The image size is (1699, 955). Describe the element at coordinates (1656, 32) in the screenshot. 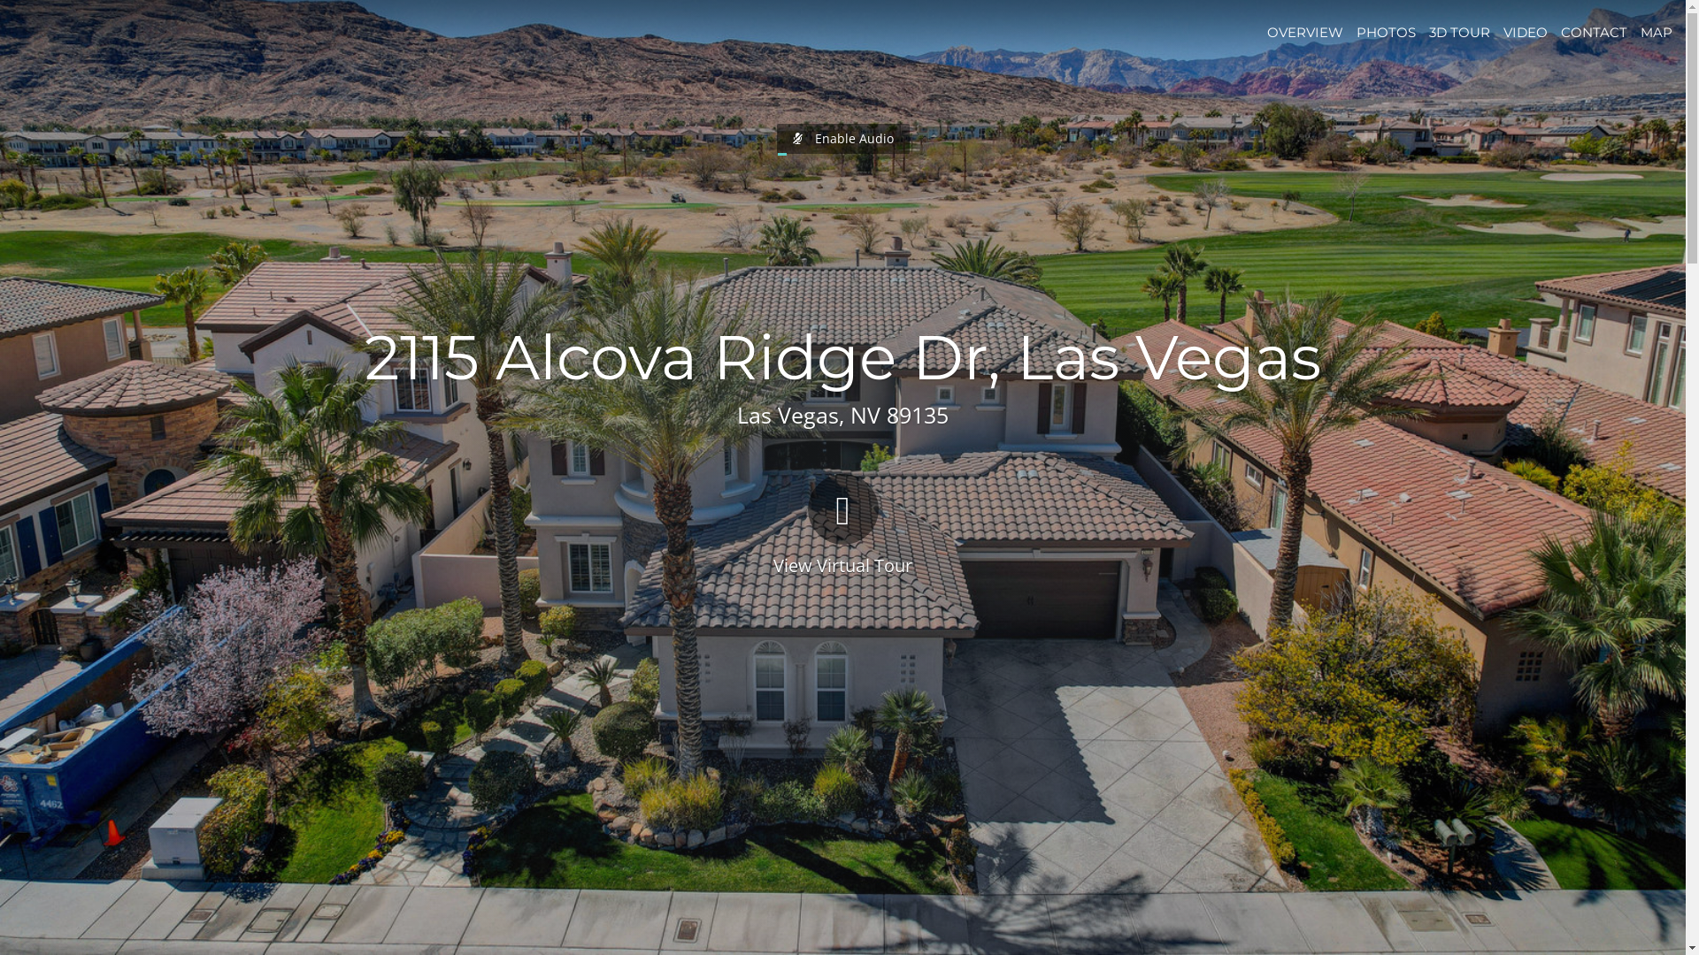

I see `'MAP'` at that location.